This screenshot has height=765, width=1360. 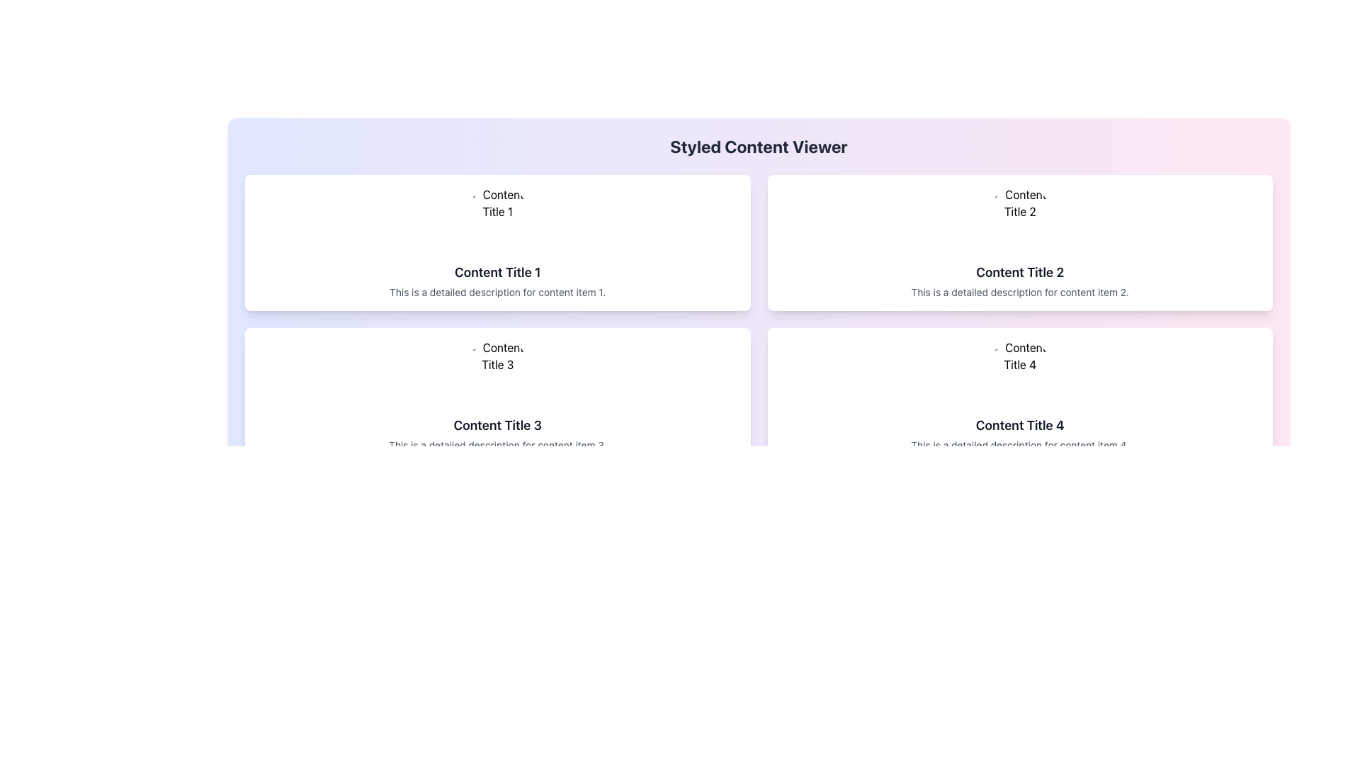 What do you see at coordinates (1020, 396) in the screenshot?
I see `the Content card with the title 'Content Title 4', which is a rectangular card with rounded corners and a shadow effect, located in the second row and second column of the grid layout` at bounding box center [1020, 396].